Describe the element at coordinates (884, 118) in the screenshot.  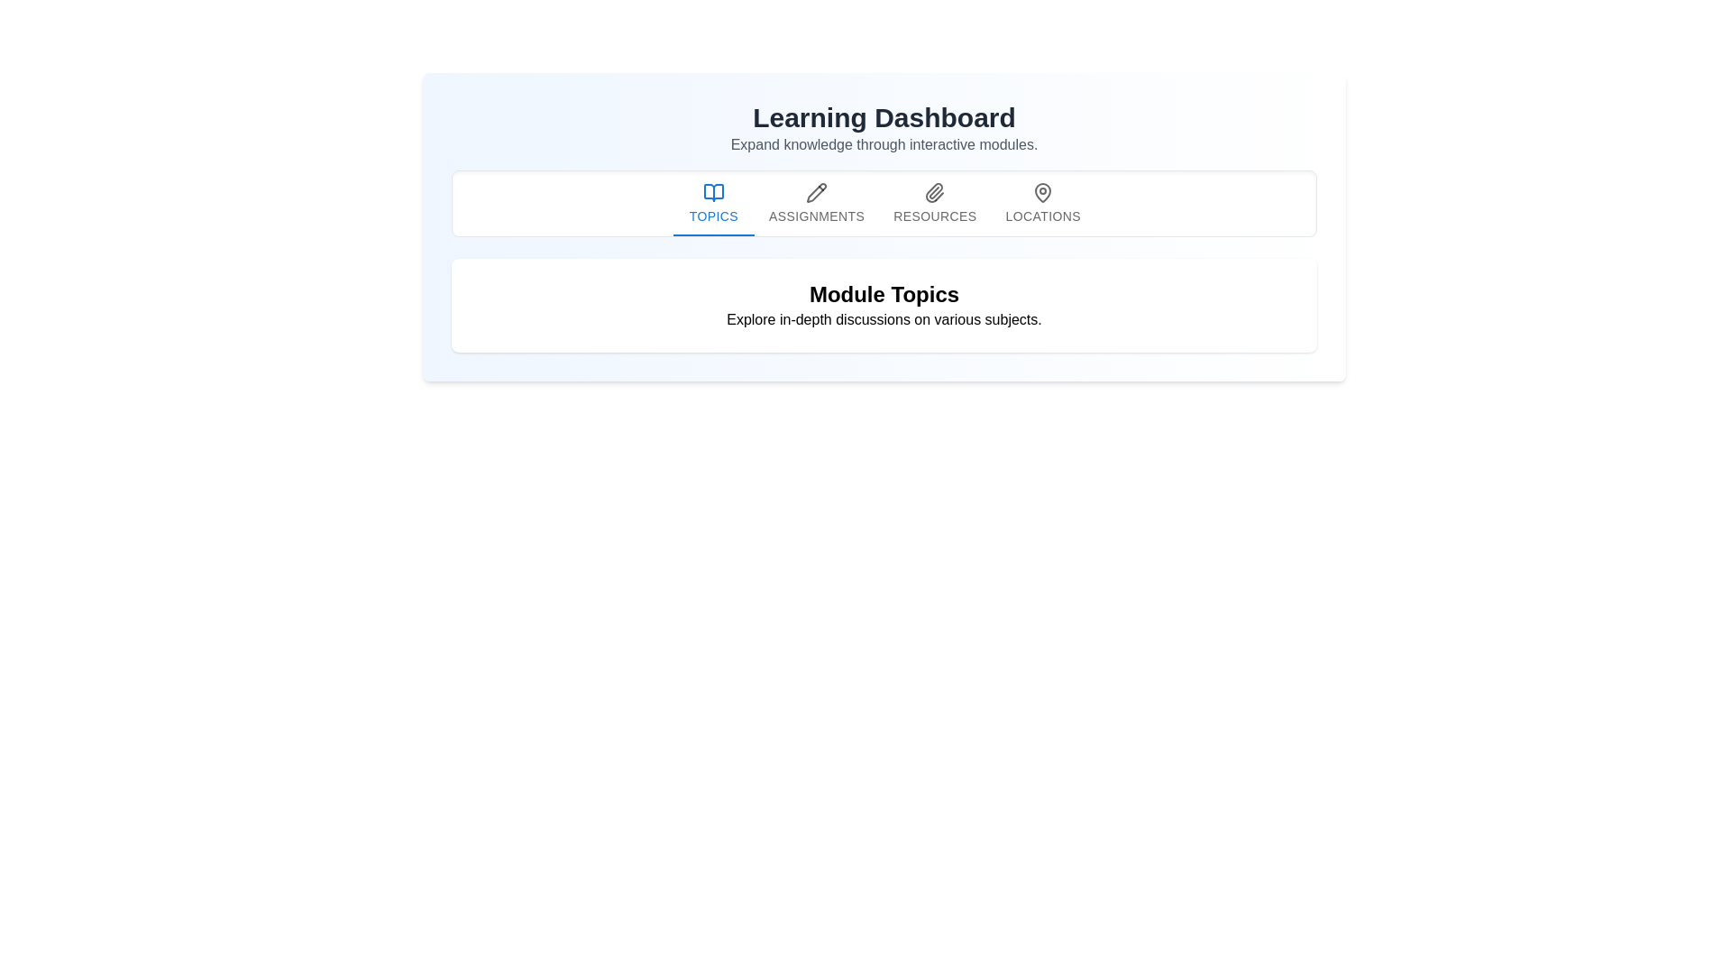
I see `text label 'Learning Dashboard' which is prominently displayed at the top-center of the interface in a large bold font` at that location.